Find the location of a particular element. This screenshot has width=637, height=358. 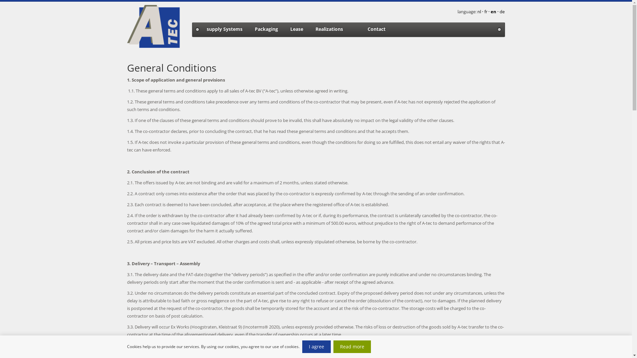

'Realizations' is located at coordinates (329, 29).